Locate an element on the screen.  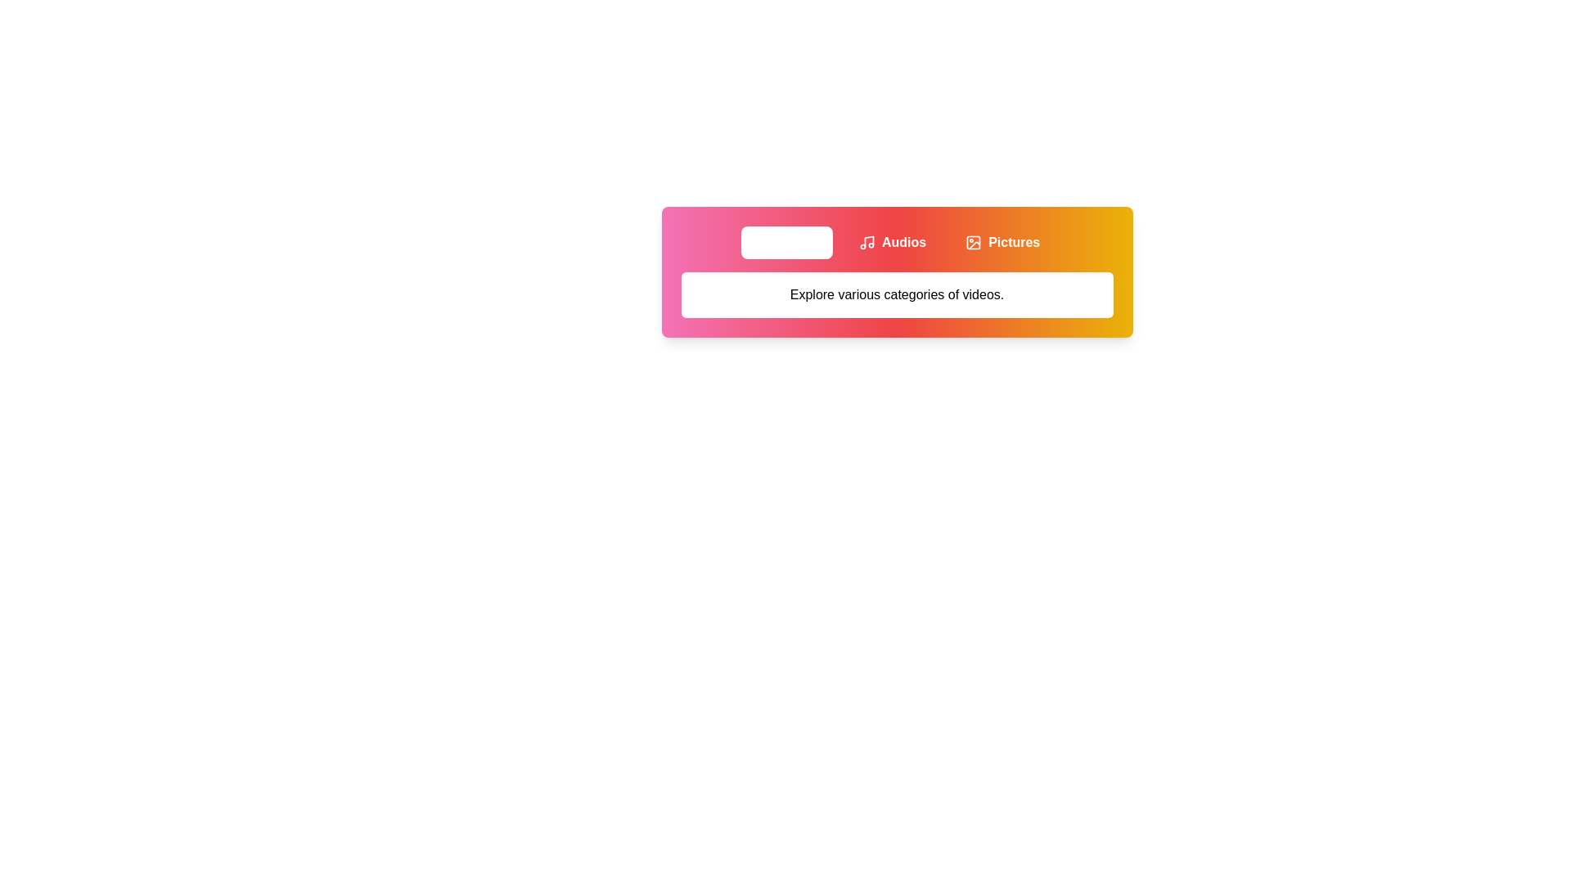
the Audios tab to view its content is located at coordinates (891, 243).